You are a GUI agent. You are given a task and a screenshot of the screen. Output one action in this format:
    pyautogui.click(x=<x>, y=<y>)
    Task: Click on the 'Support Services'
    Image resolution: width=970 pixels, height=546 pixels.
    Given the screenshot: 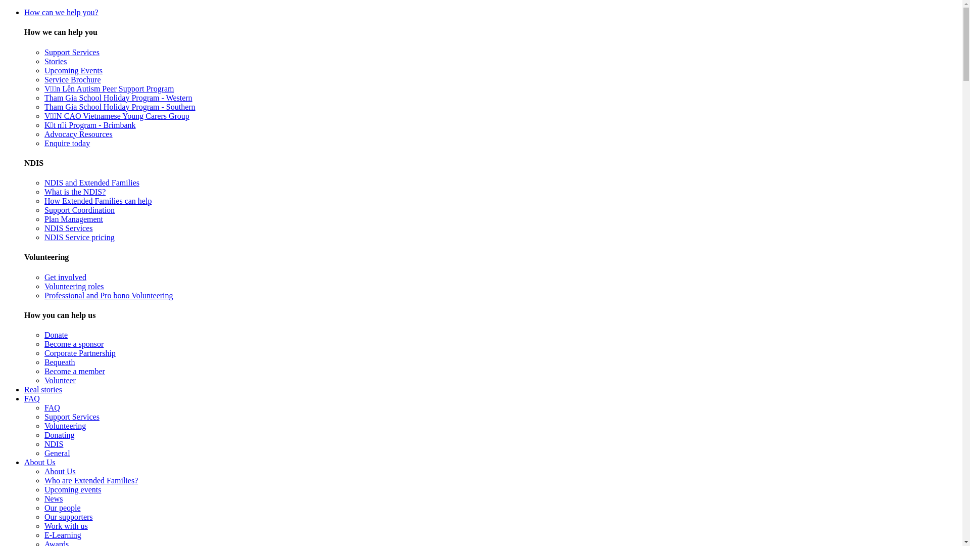 What is the action you would take?
    pyautogui.click(x=43, y=417)
    